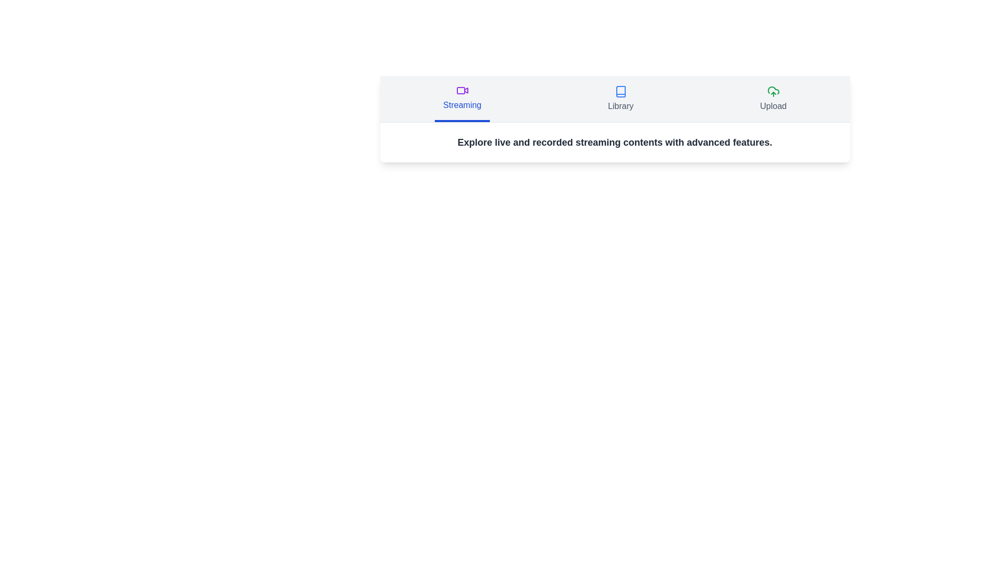  Describe the element at coordinates (773, 99) in the screenshot. I see `the Upload tab` at that location.